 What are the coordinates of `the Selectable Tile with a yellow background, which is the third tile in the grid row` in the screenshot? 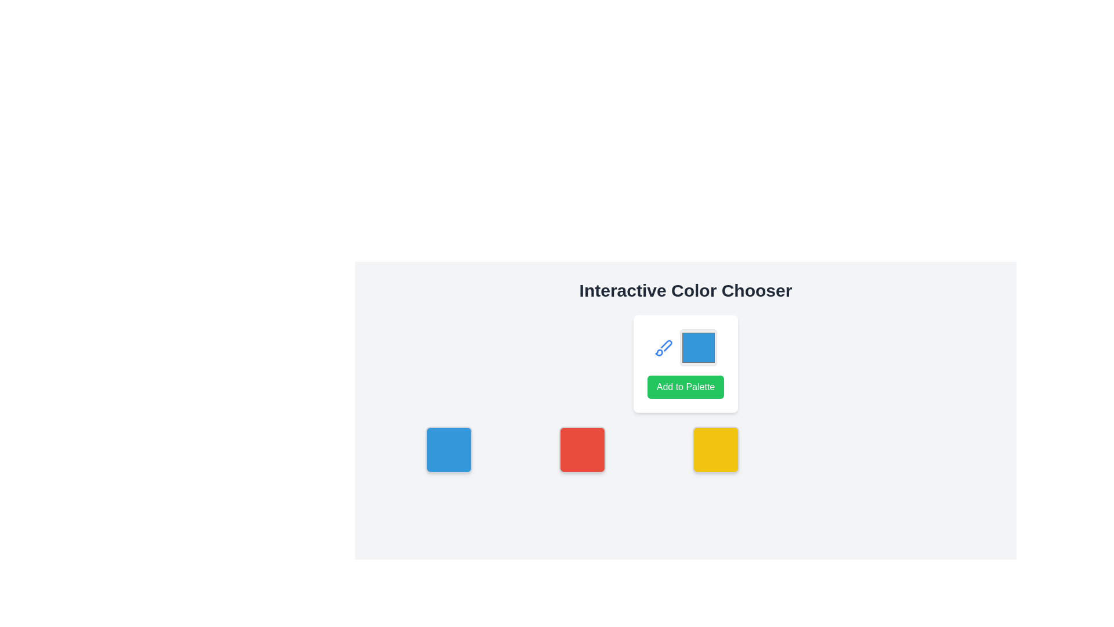 It's located at (715, 449).